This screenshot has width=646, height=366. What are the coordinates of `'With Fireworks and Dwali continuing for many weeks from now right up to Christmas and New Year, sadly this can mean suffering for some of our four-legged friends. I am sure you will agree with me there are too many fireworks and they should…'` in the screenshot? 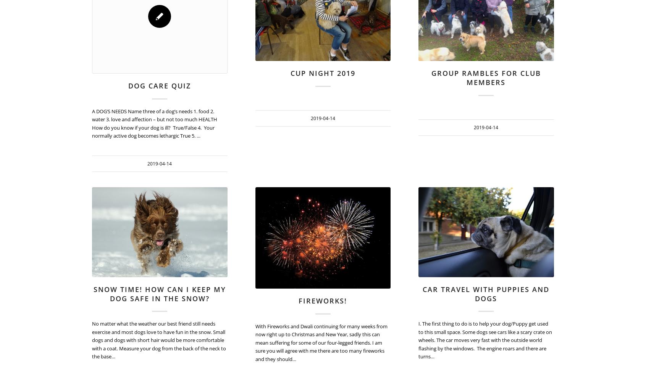 It's located at (255, 342).